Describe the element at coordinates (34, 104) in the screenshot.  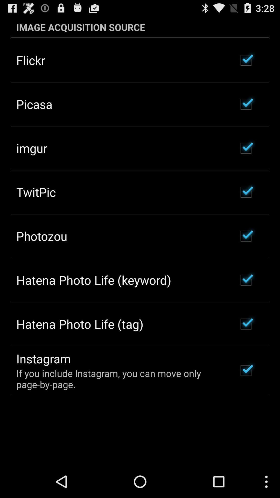
I see `the item below the flickr item` at that location.